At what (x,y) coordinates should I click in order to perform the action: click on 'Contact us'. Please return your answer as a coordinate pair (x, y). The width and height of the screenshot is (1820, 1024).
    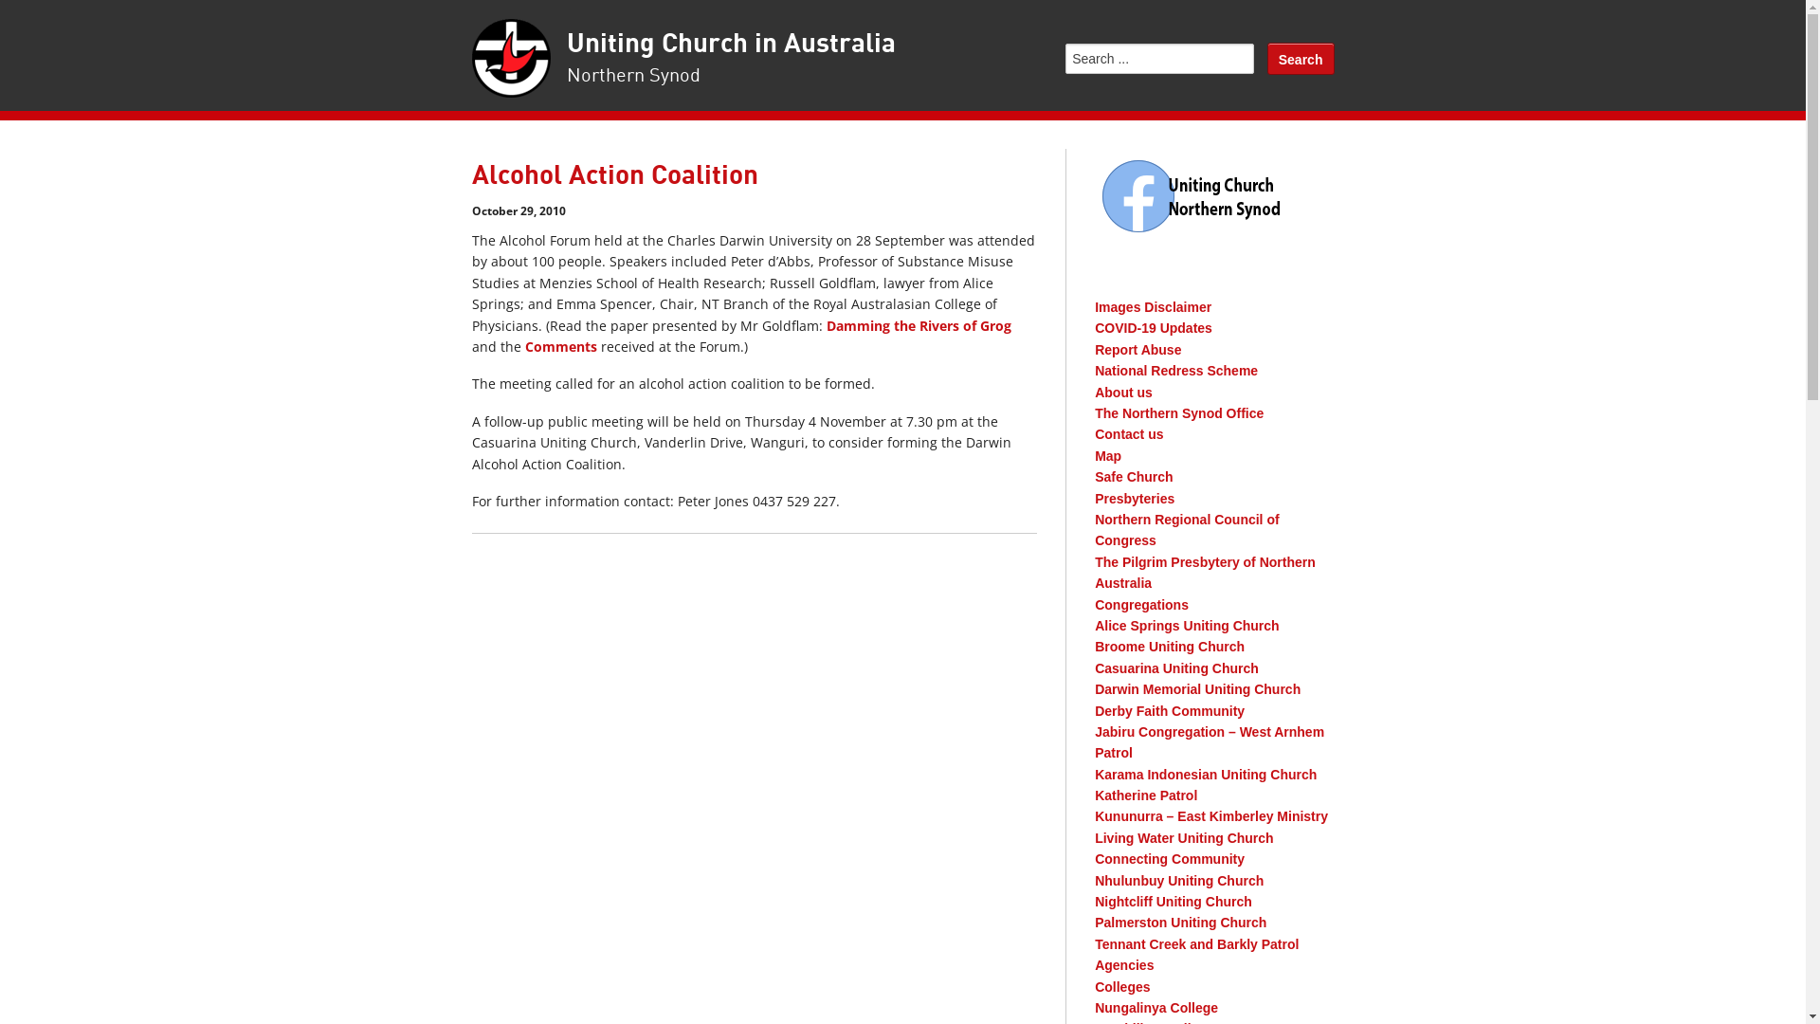
    Looking at the image, I should click on (1095, 434).